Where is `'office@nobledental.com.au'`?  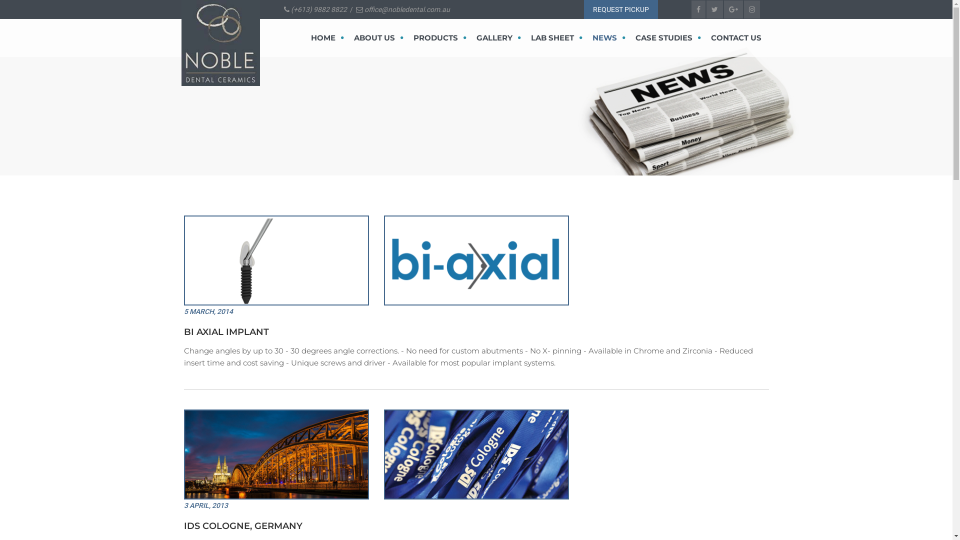
'office@nobledental.com.au' is located at coordinates (406, 9).